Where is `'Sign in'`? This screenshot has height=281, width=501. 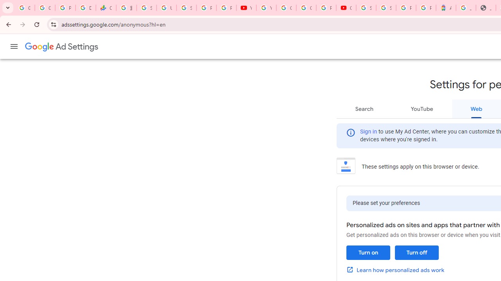 'Sign in' is located at coordinates (368, 131).